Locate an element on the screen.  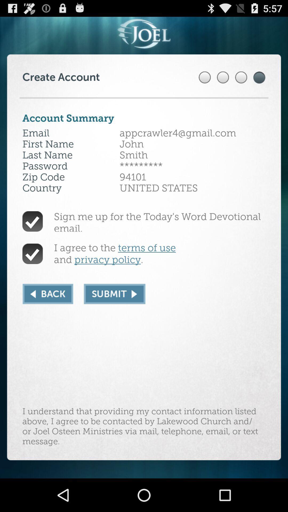
submit information is located at coordinates (114, 294).